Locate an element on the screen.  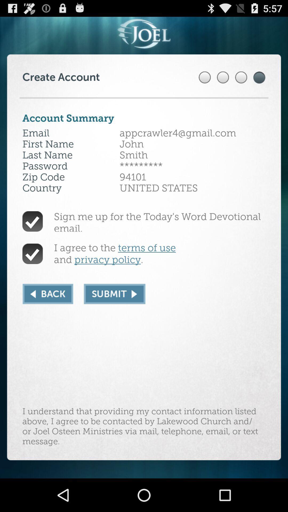
submit information is located at coordinates (114, 294).